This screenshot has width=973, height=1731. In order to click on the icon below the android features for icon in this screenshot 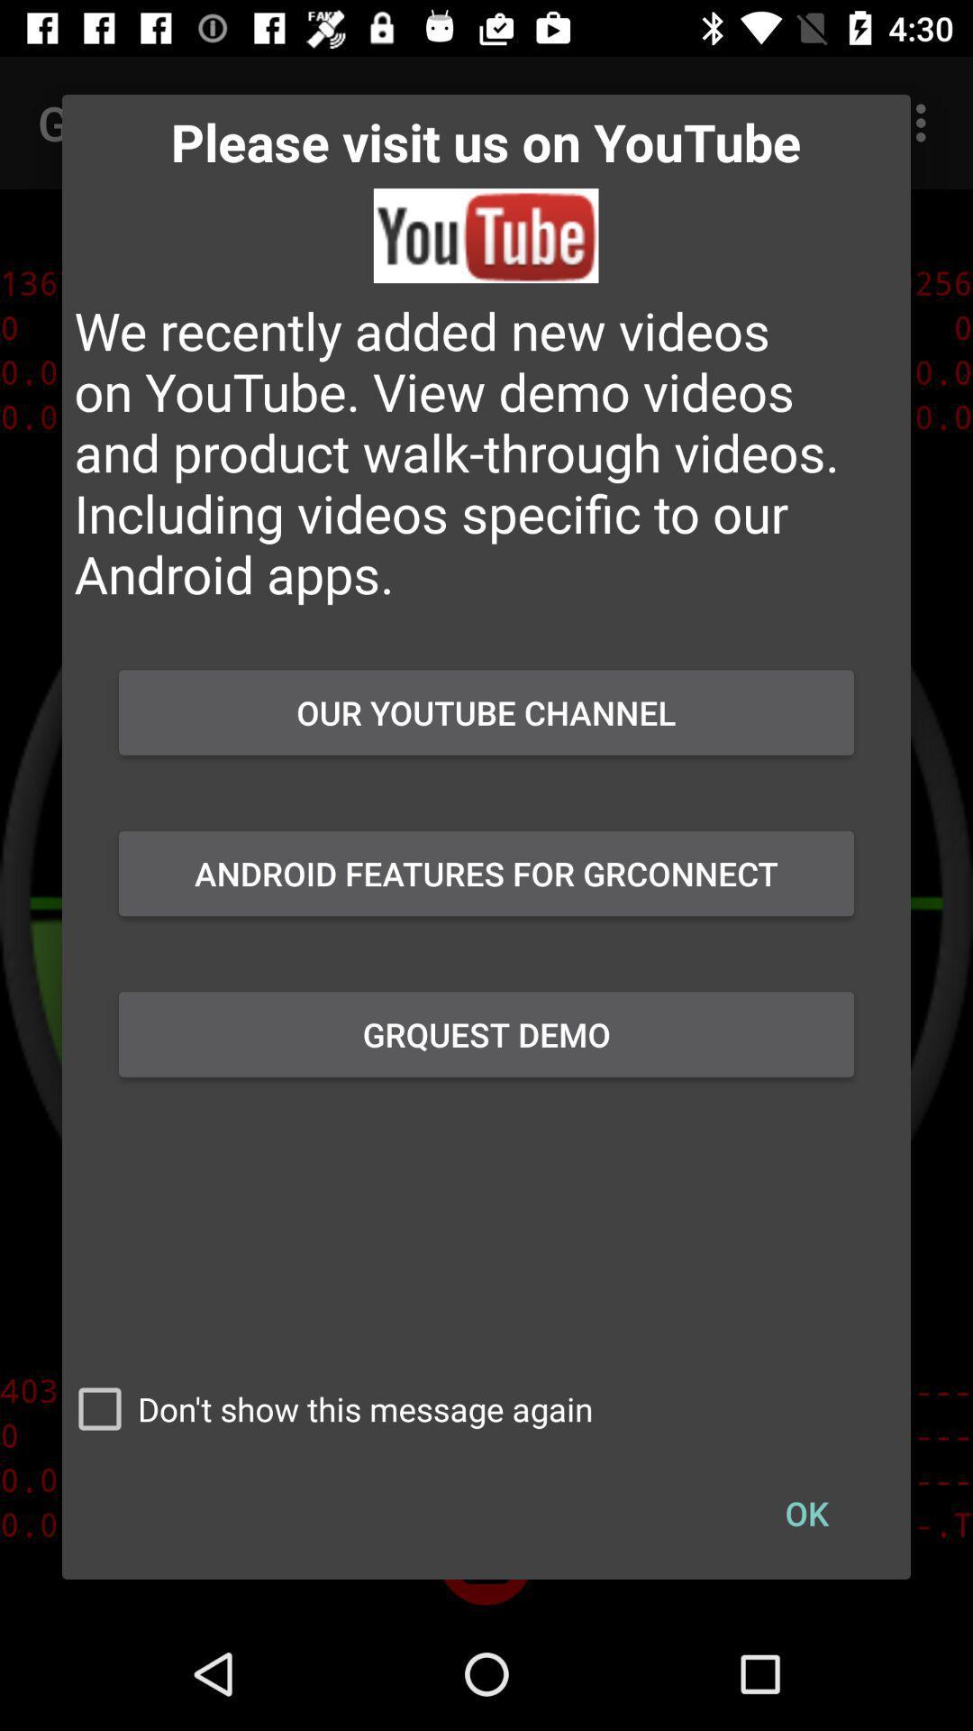, I will do `click(486, 1034)`.